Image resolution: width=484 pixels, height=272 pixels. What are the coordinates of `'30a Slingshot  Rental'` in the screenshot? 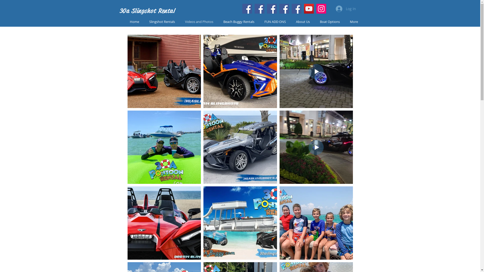 It's located at (147, 11).